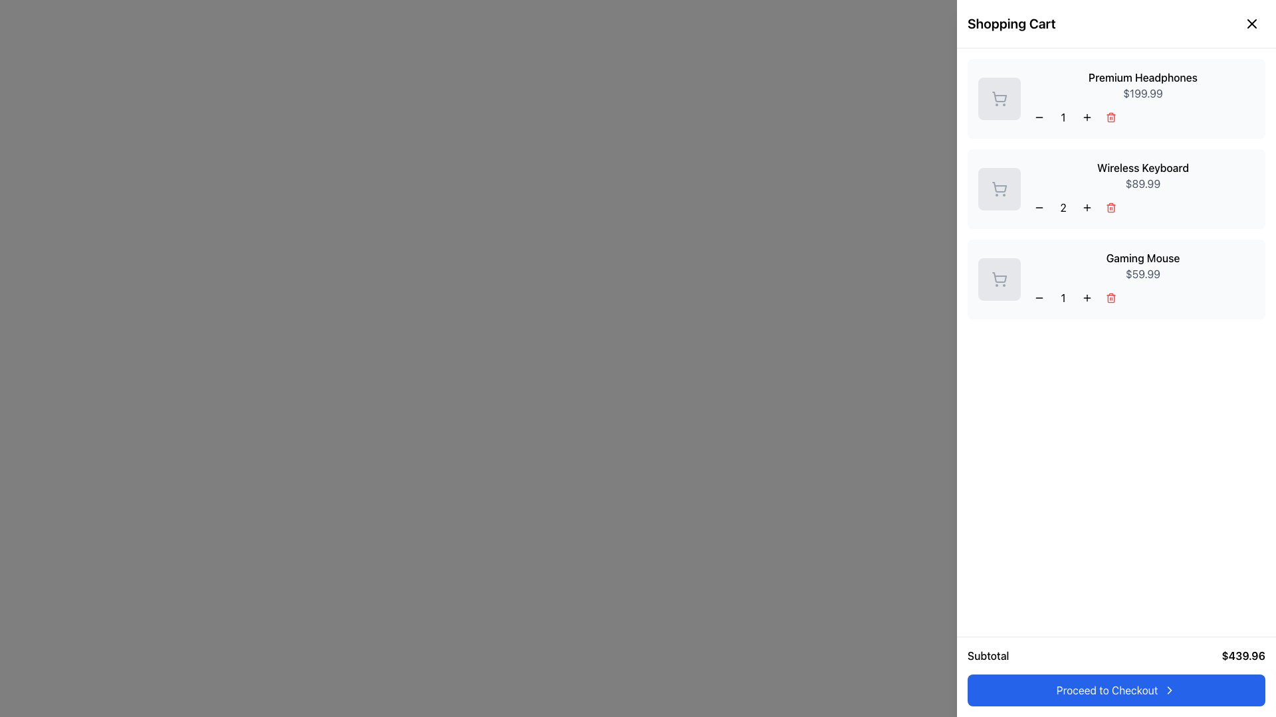 This screenshot has height=717, width=1276. I want to click on the increment button for the 'Gaming Mouse' item in the shopping cart, so click(1087, 297).